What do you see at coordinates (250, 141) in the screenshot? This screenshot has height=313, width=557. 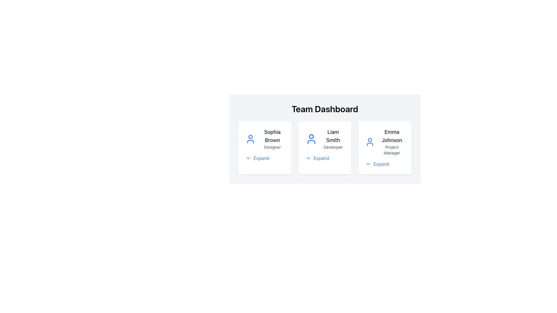 I see `the semi-circle arc shape located at the bottom of the user profile icon for Sophia Brown` at bounding box center [250, 141].